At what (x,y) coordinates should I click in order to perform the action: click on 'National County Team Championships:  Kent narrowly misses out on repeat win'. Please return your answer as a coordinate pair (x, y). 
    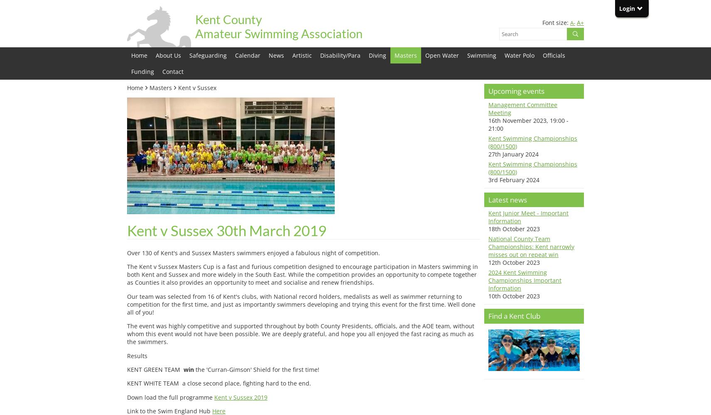
    Looking at the image, I should click on (488, 246).